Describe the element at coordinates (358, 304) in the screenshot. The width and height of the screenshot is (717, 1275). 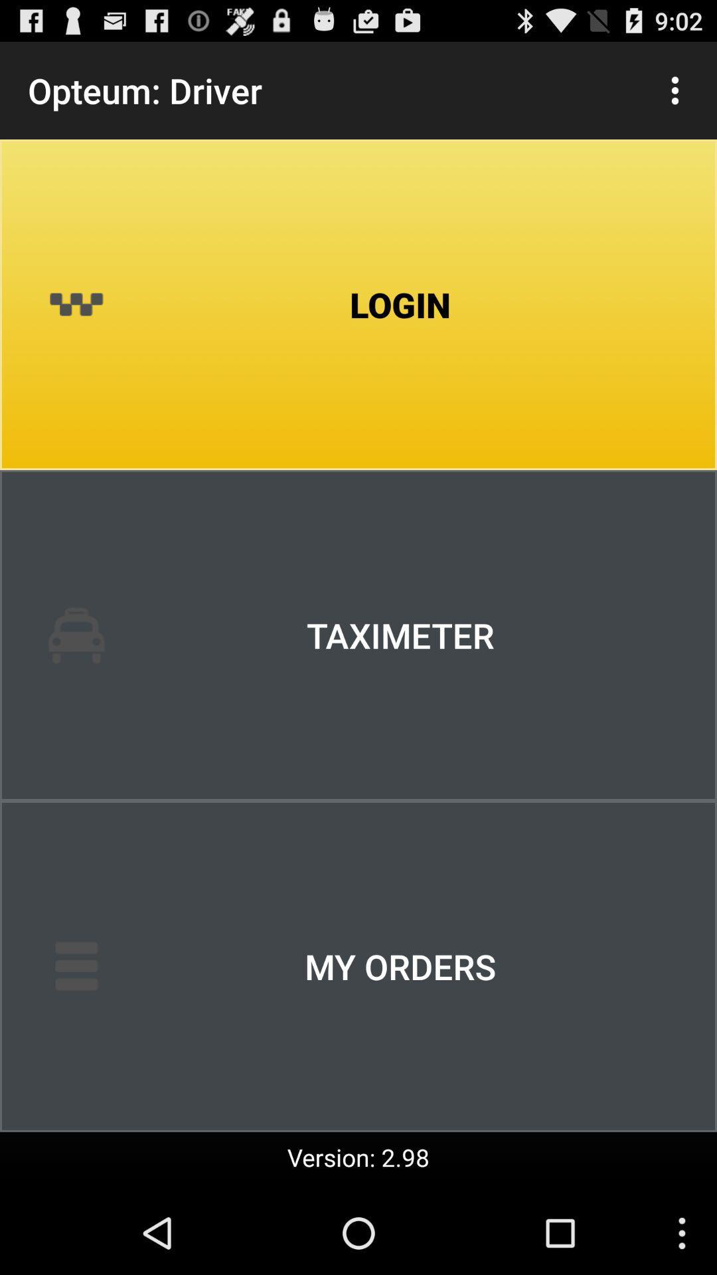
I see `the item above the taximeter item` at that location.